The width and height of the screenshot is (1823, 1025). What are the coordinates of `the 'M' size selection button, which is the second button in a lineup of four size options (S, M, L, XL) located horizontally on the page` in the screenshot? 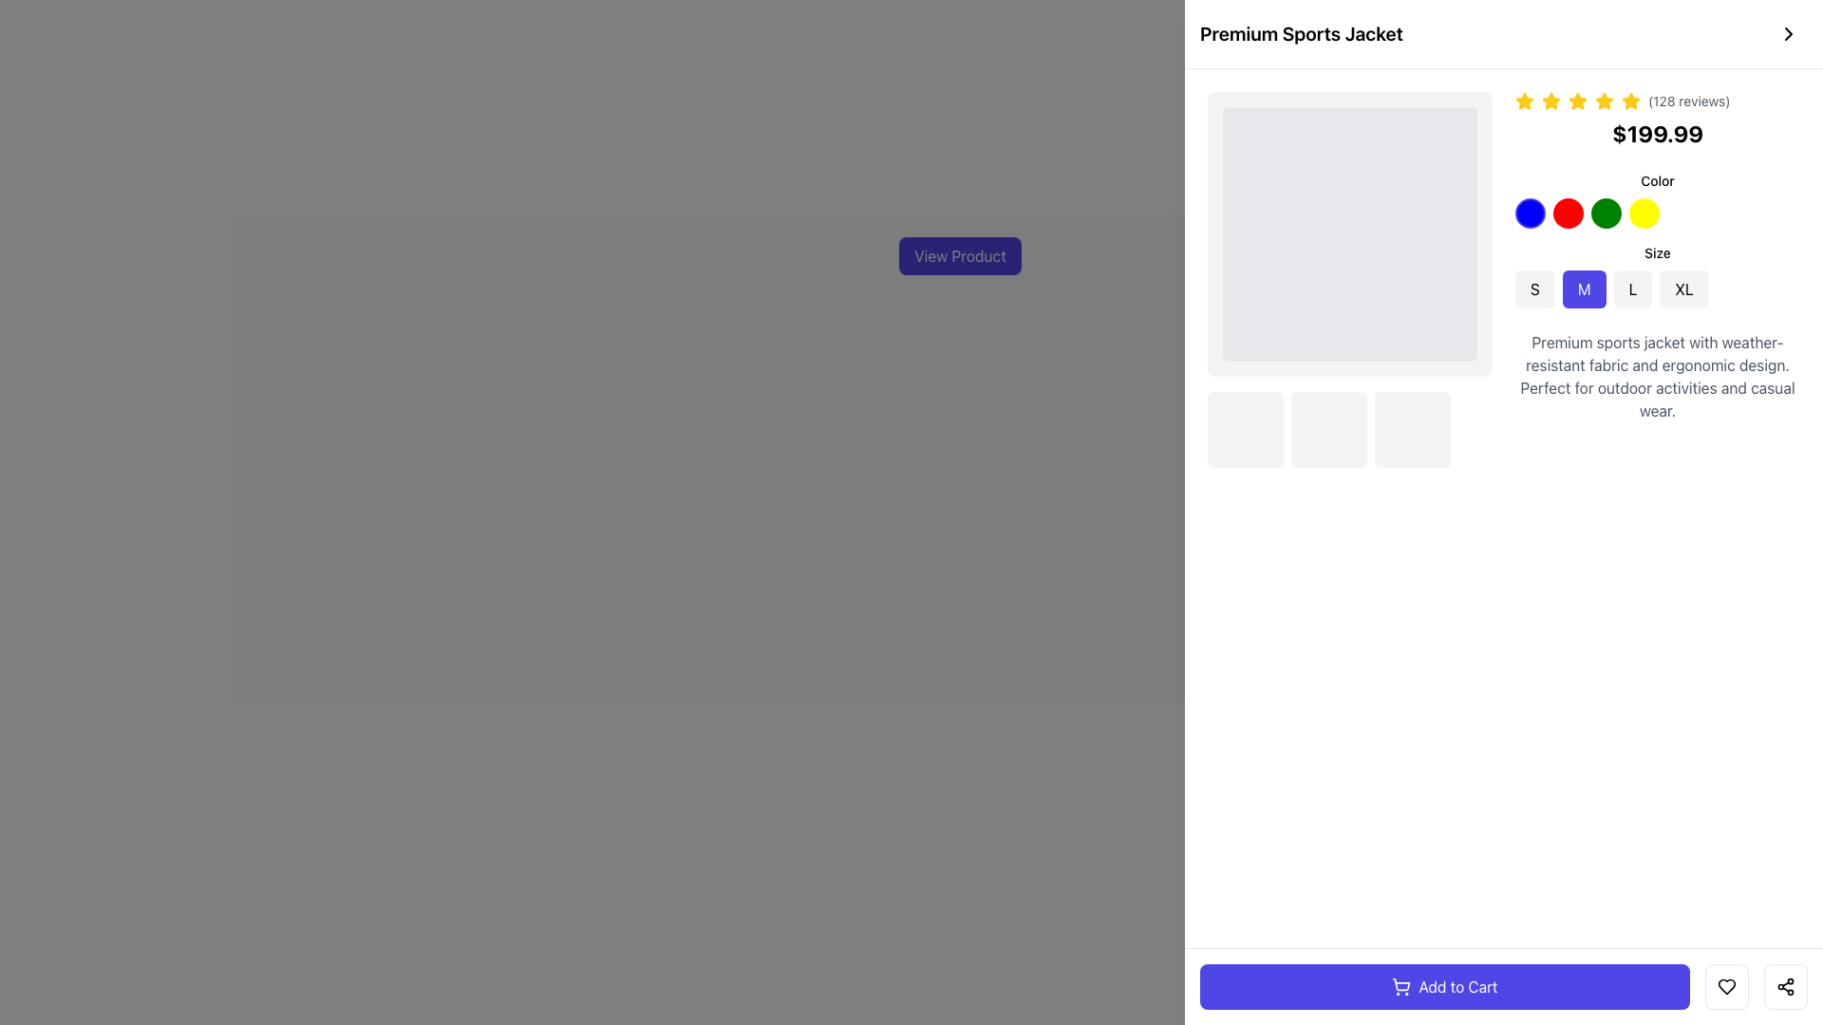 It's located at (1584, 289).